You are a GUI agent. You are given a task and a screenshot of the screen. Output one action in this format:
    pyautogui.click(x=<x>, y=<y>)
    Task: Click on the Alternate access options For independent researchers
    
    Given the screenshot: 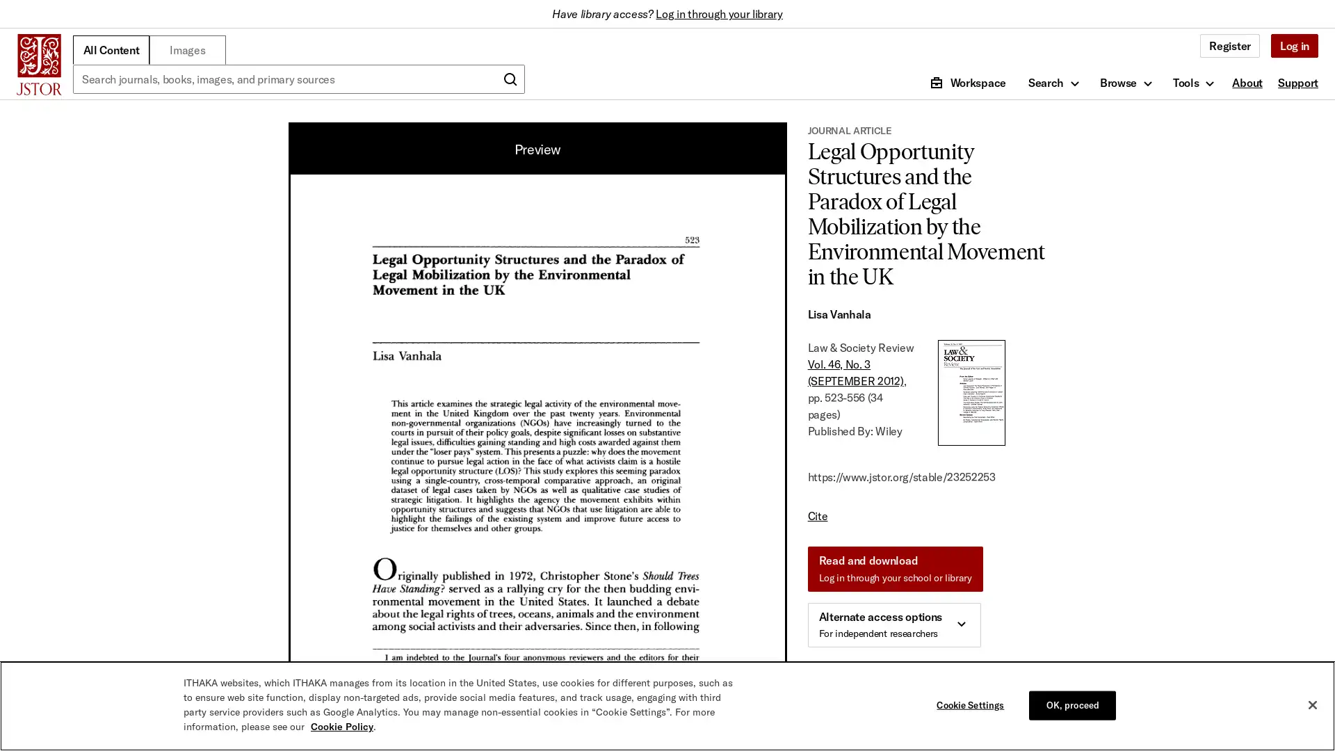 What is the action you would take?
    pyautogui.click(x=893, y=624)
    